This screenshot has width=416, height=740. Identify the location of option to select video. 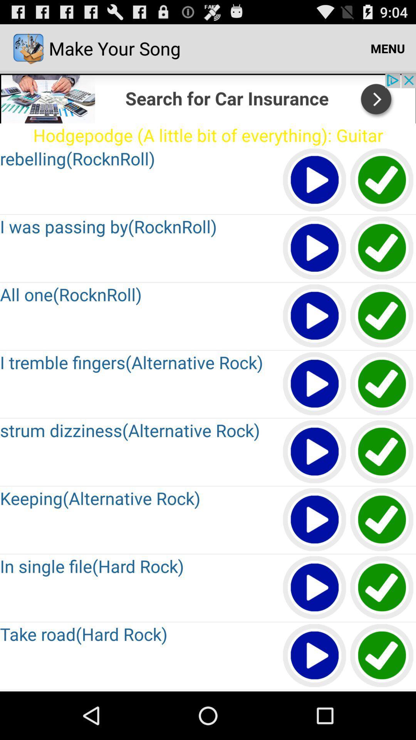
(382, 180).